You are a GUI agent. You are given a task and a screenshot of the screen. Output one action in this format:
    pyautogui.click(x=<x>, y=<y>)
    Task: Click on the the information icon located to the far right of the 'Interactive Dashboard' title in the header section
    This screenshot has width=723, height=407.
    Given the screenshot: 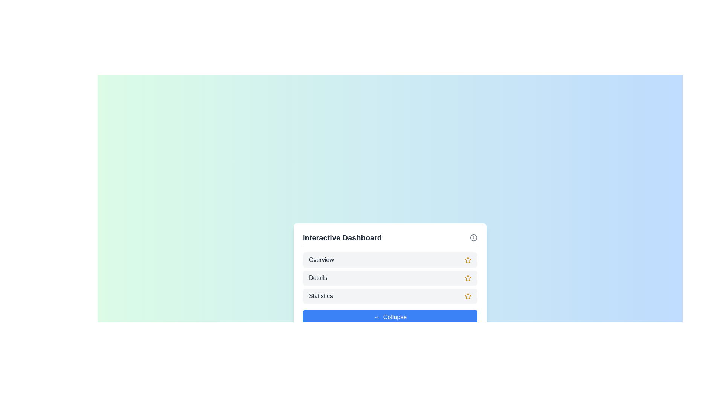 What is the action you would take?
    pyautogui.click(x=473, y=237)
    